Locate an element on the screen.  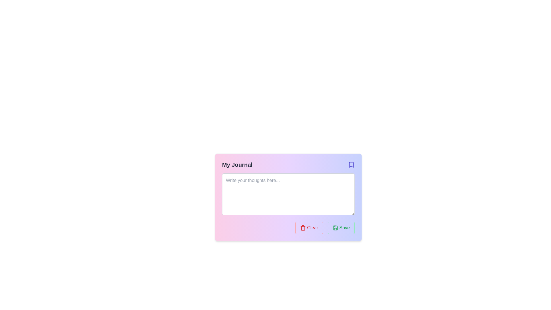
the static text element labeled 'My Journal' which serves as a title for the journal section is located at coordinates (237, 165).